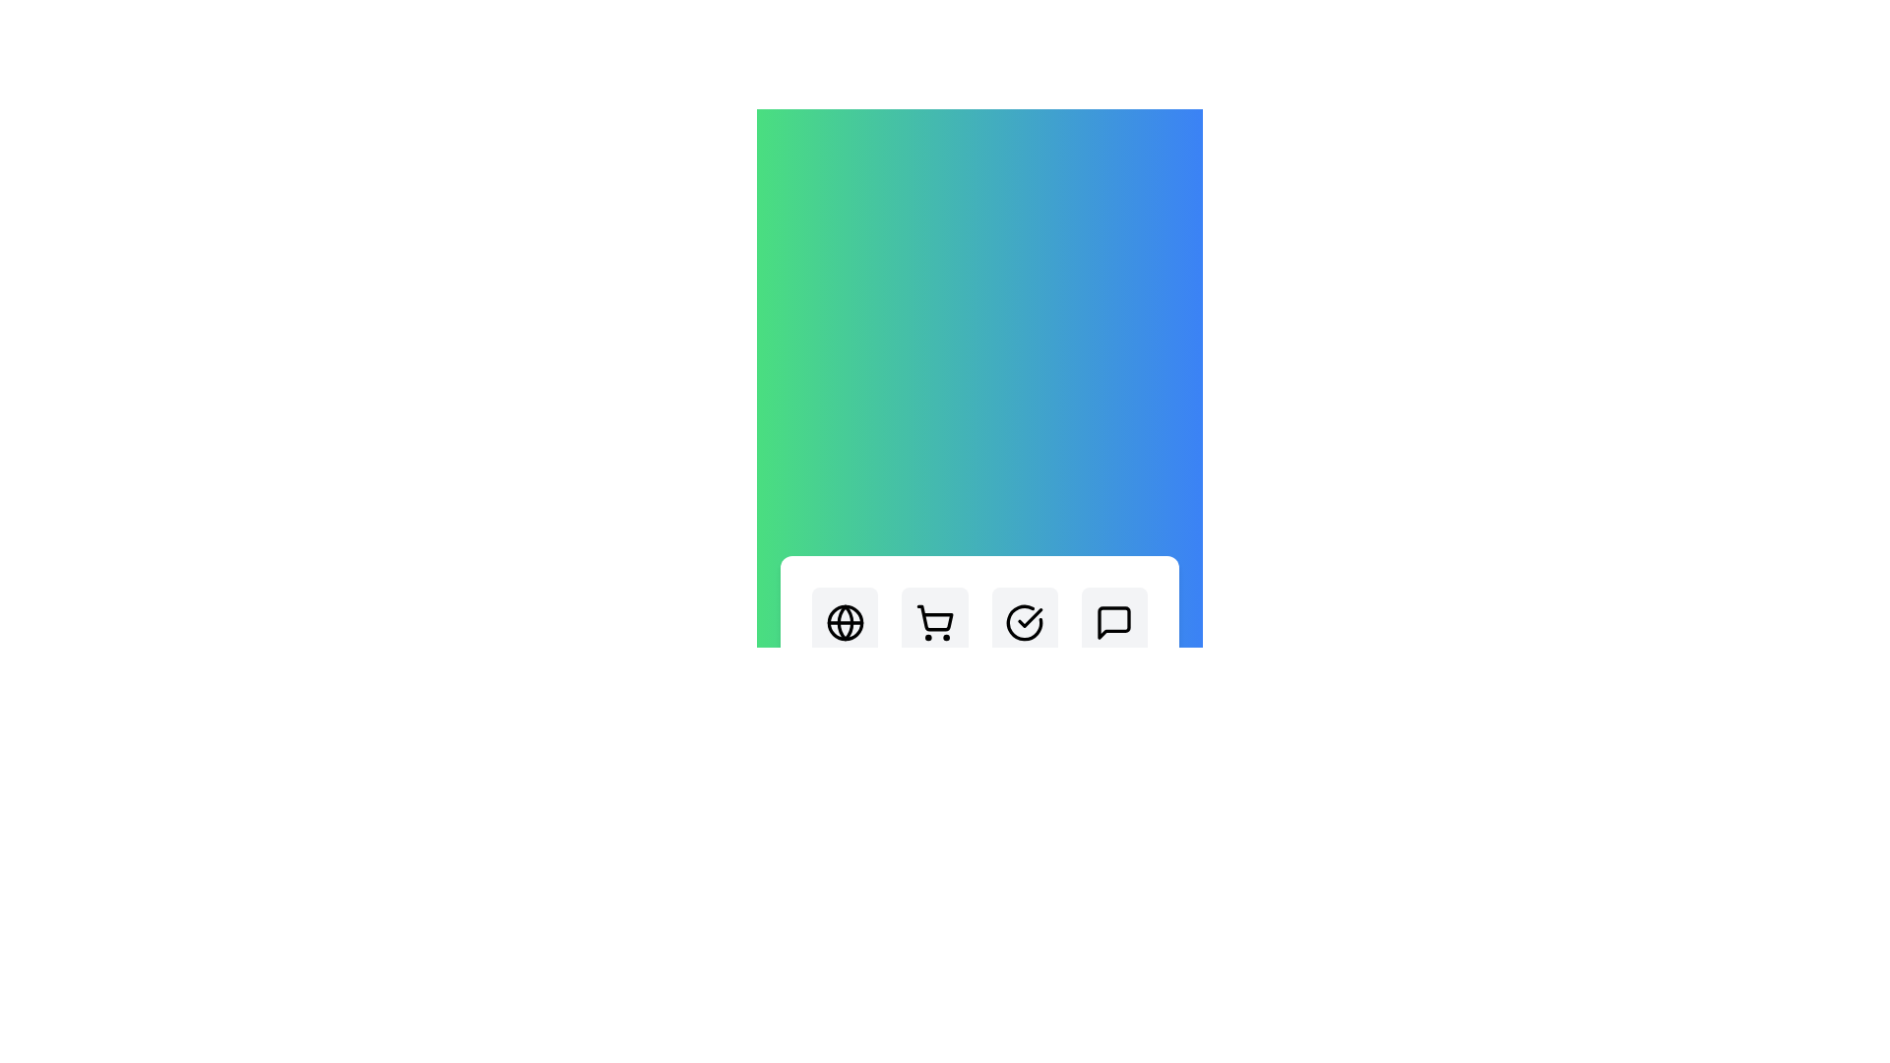 The image size is (1890, 1063). Describe the element at coordinates (845, 641) in the screenshot. I see `the 'Explore' button, which is the first item in the grid layout, featuring a globe icon and a light gray background, to trigger the hover effect` at that location.